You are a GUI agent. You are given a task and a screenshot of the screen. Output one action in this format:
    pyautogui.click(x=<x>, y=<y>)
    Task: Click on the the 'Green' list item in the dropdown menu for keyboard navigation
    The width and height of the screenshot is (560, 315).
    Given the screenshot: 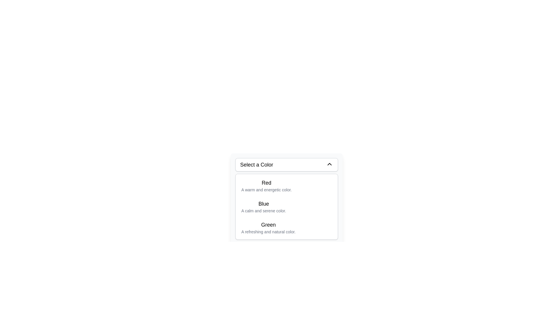 What is the action you would take?
    pyautogui.click(x=286, y=227)
    